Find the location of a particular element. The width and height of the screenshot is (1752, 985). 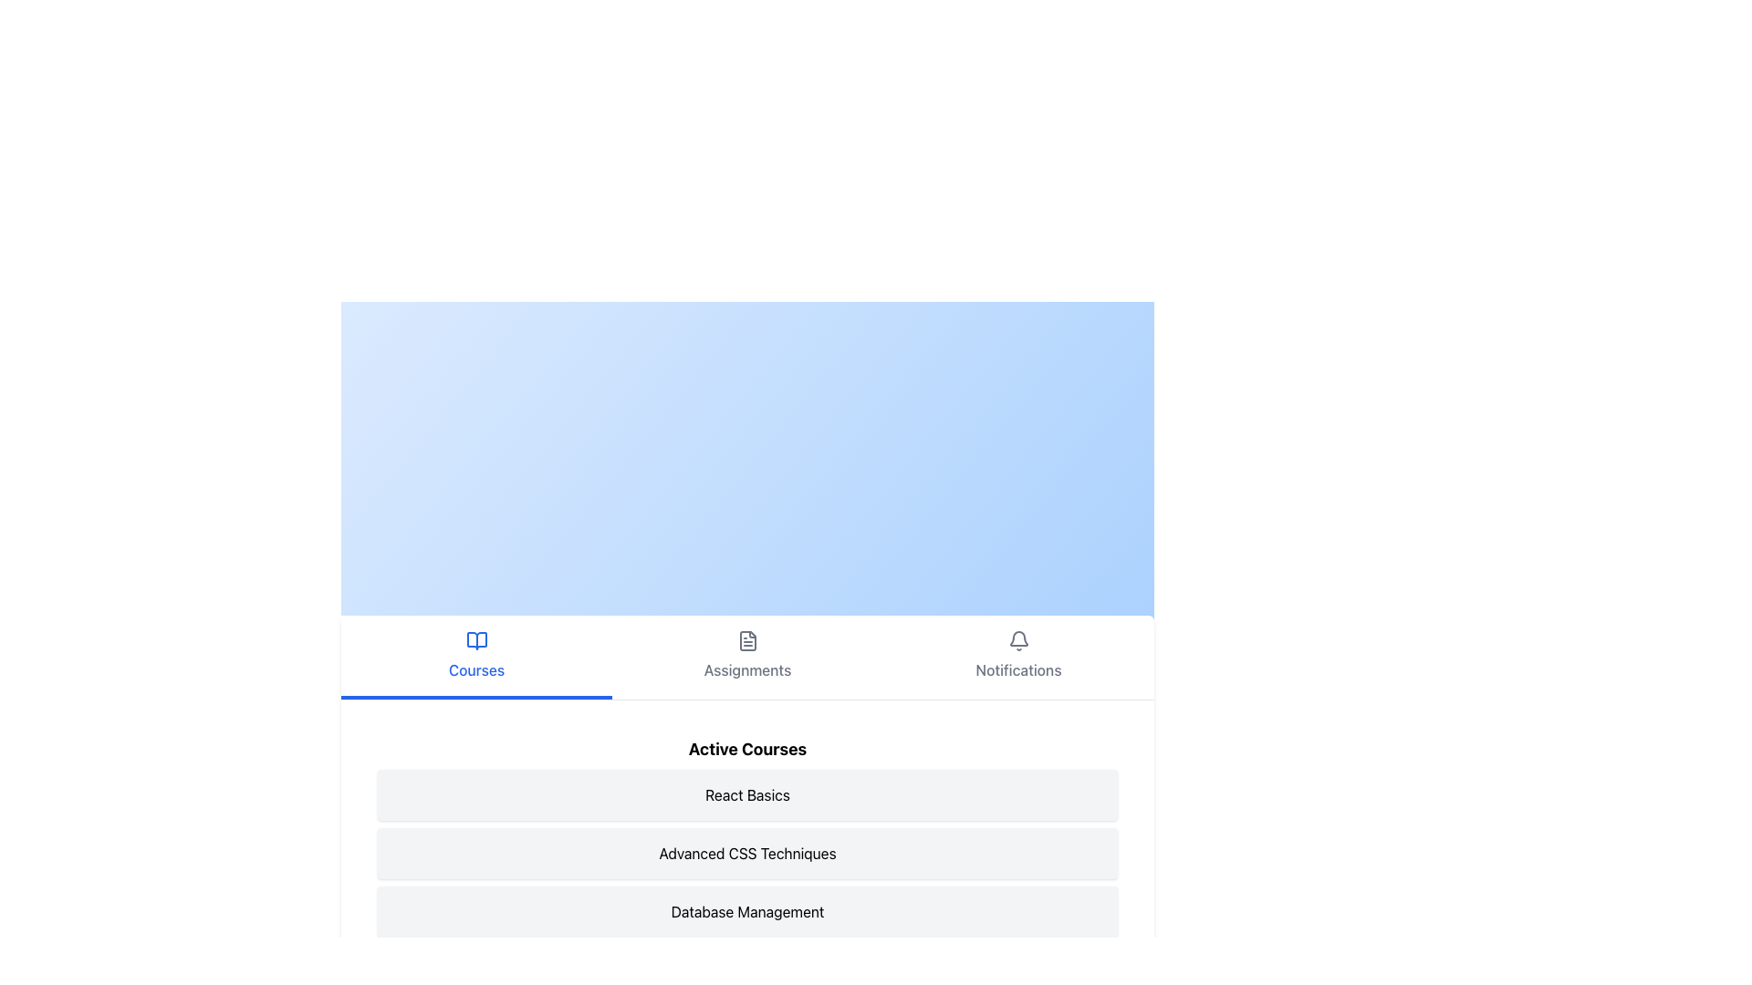

the 'Advanced CSS Techniques' course in the active courses list is located at coordinates (747, 836).